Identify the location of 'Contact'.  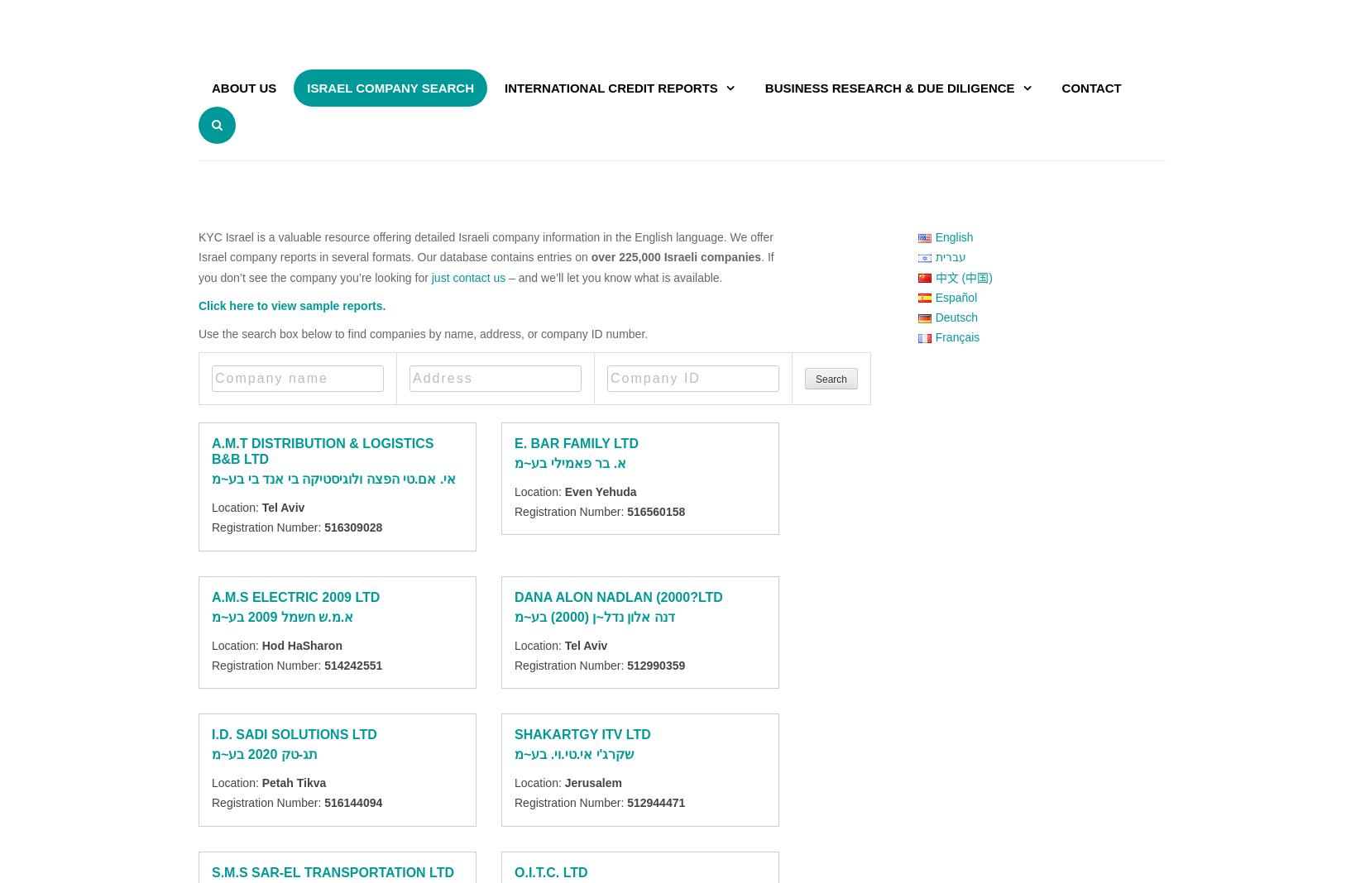
(1090, 86).